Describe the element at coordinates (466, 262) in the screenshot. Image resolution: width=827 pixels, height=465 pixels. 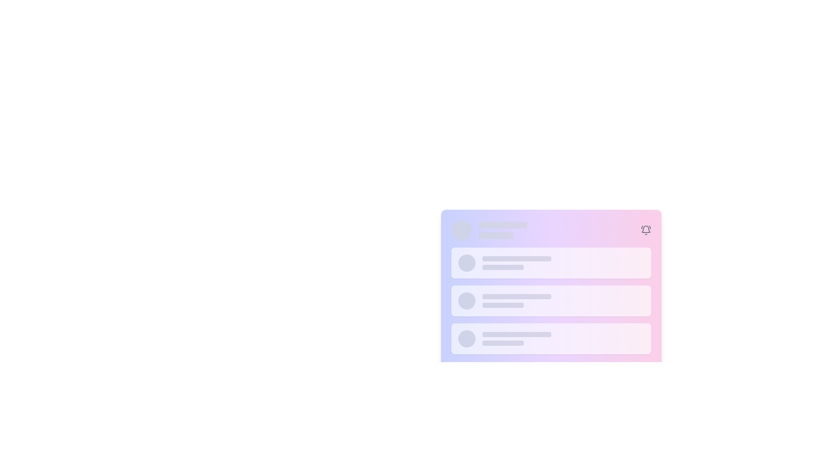
I see `the Avatar placeholder, which serves as a profile picture placeholder located towards the left in the vertical center of its containing card` at that location.